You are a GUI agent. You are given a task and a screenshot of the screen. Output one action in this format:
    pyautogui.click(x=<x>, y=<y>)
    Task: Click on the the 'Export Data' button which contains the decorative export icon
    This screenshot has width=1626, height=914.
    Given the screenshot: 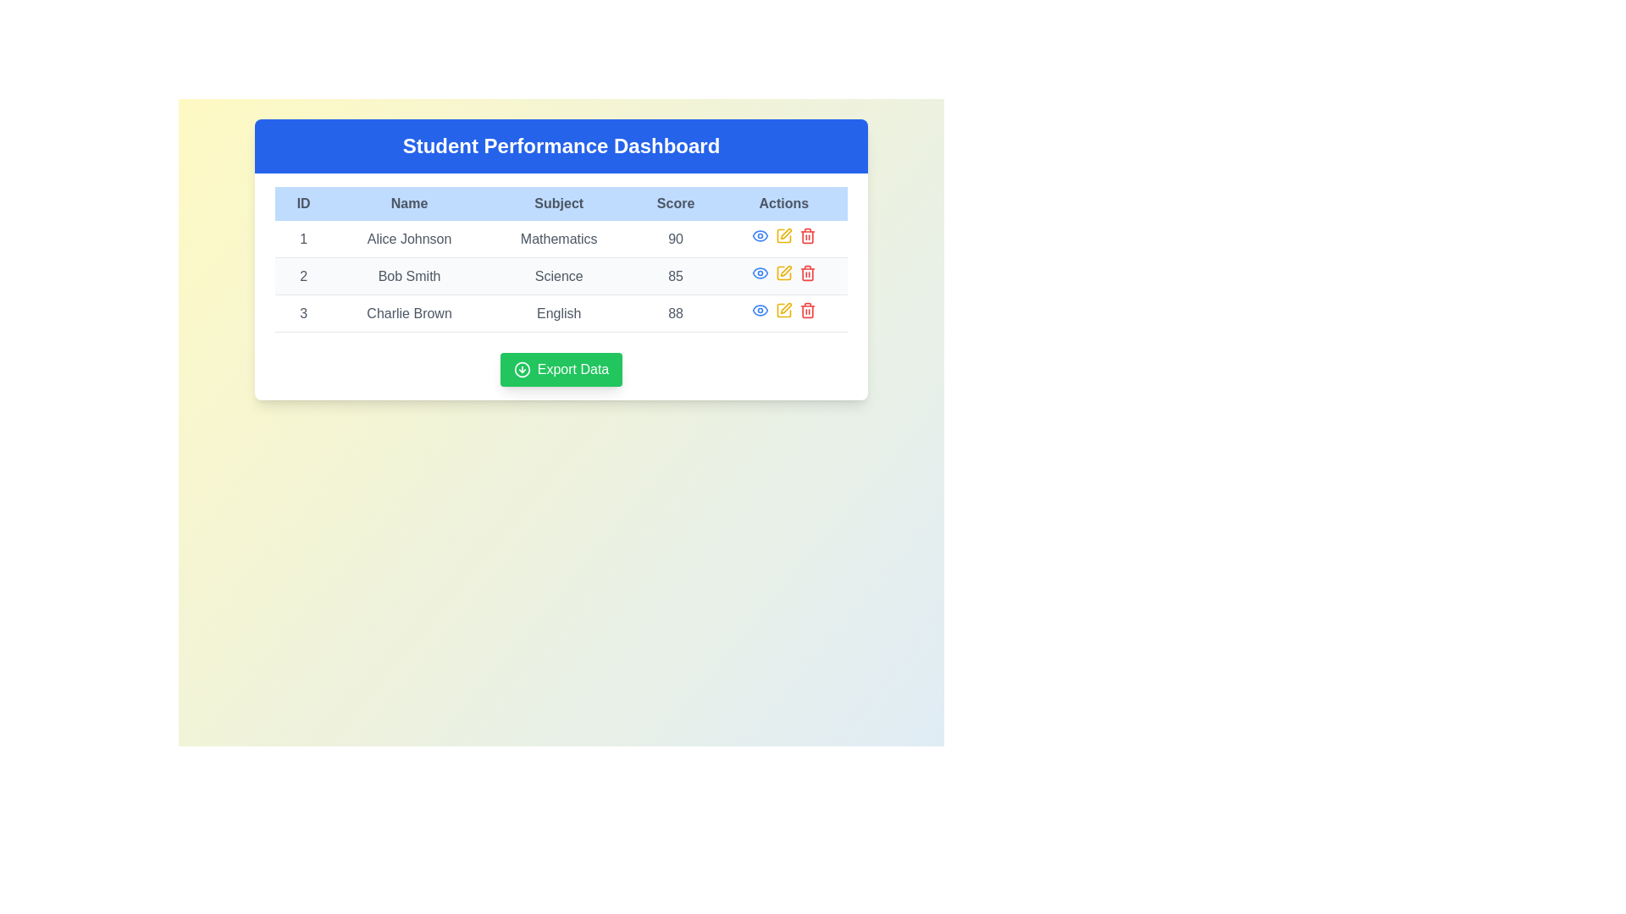 What is the action you would take?
    pyautogui.click(x=521, y=368)
    